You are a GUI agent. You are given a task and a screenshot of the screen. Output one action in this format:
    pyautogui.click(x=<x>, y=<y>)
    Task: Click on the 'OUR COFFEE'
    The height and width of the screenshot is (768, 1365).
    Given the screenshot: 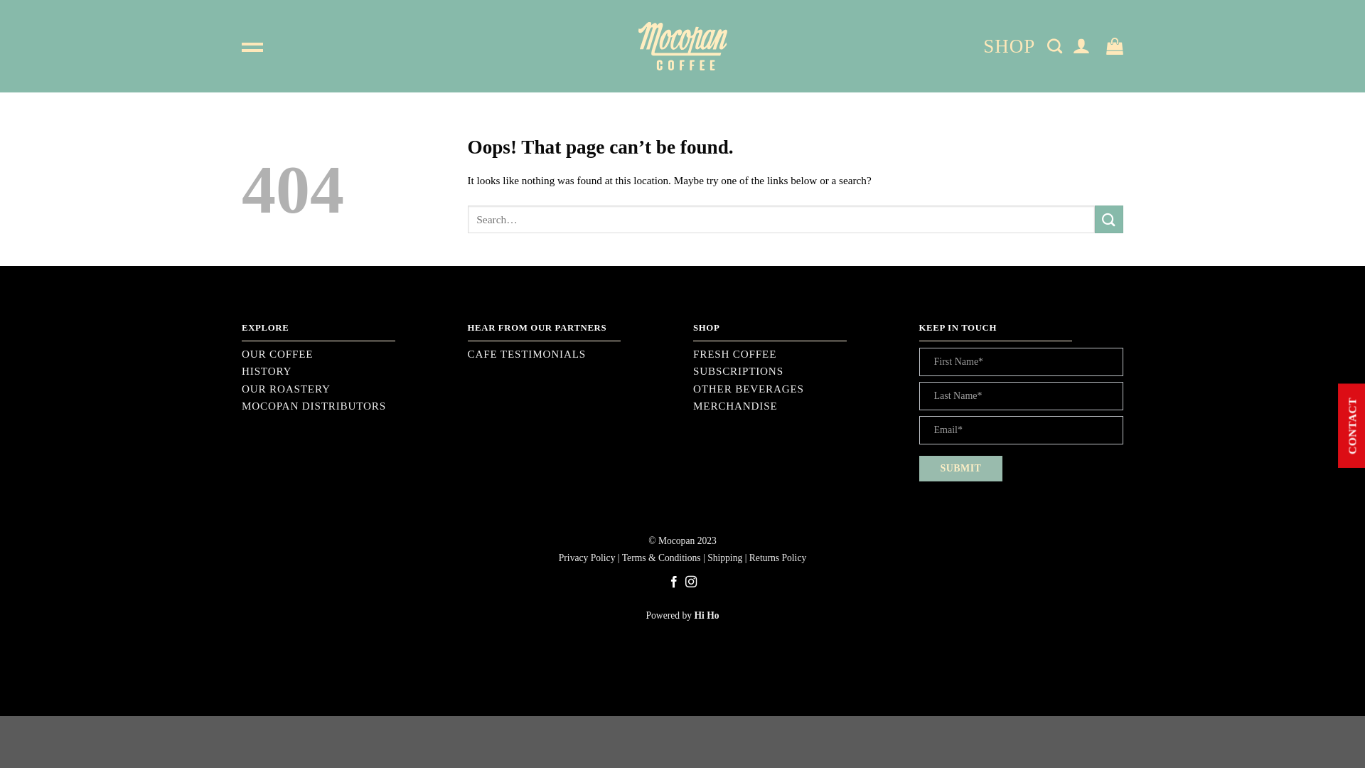 What is the action you would take?
    pyautogui.click(x=242, y=353)
    